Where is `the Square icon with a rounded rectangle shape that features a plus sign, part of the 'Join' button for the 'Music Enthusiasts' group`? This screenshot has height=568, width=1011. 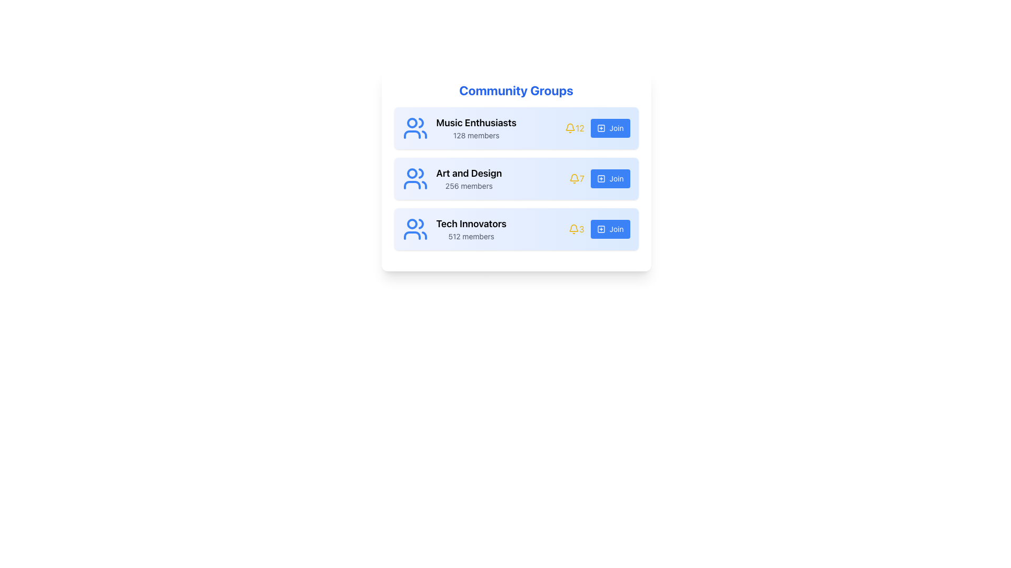 the Square icon with a rounded rectangle shape that features a plus sign, part of the 'Join' button for the 'Music Enthusiasts' group is located at coordinates (601, 127).